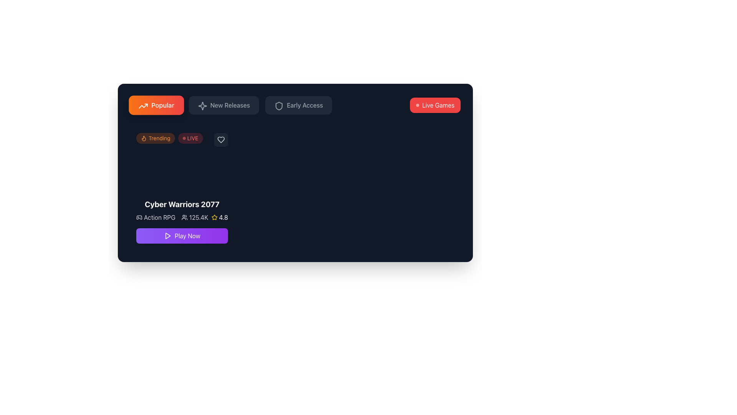 This screenshot has height=415, width=737. What do you see at coordinates (195, 217) in the screenshot?
I see `the static text element indicating the number of users, followers, or participants, located between 'Action RPG' and a rating star with a numeric score` at bounding box center [195, 217].